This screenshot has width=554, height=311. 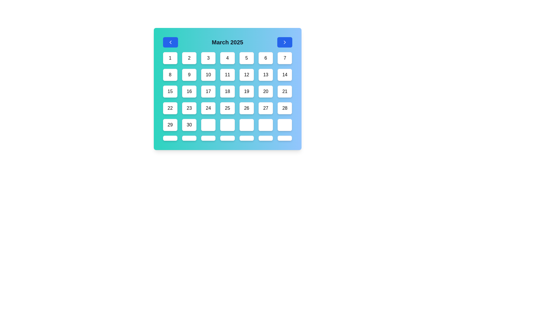 I want to click on the button-like tile displaying the number '6' in the March 2025 section of the interface, so click(x=265, y=58).